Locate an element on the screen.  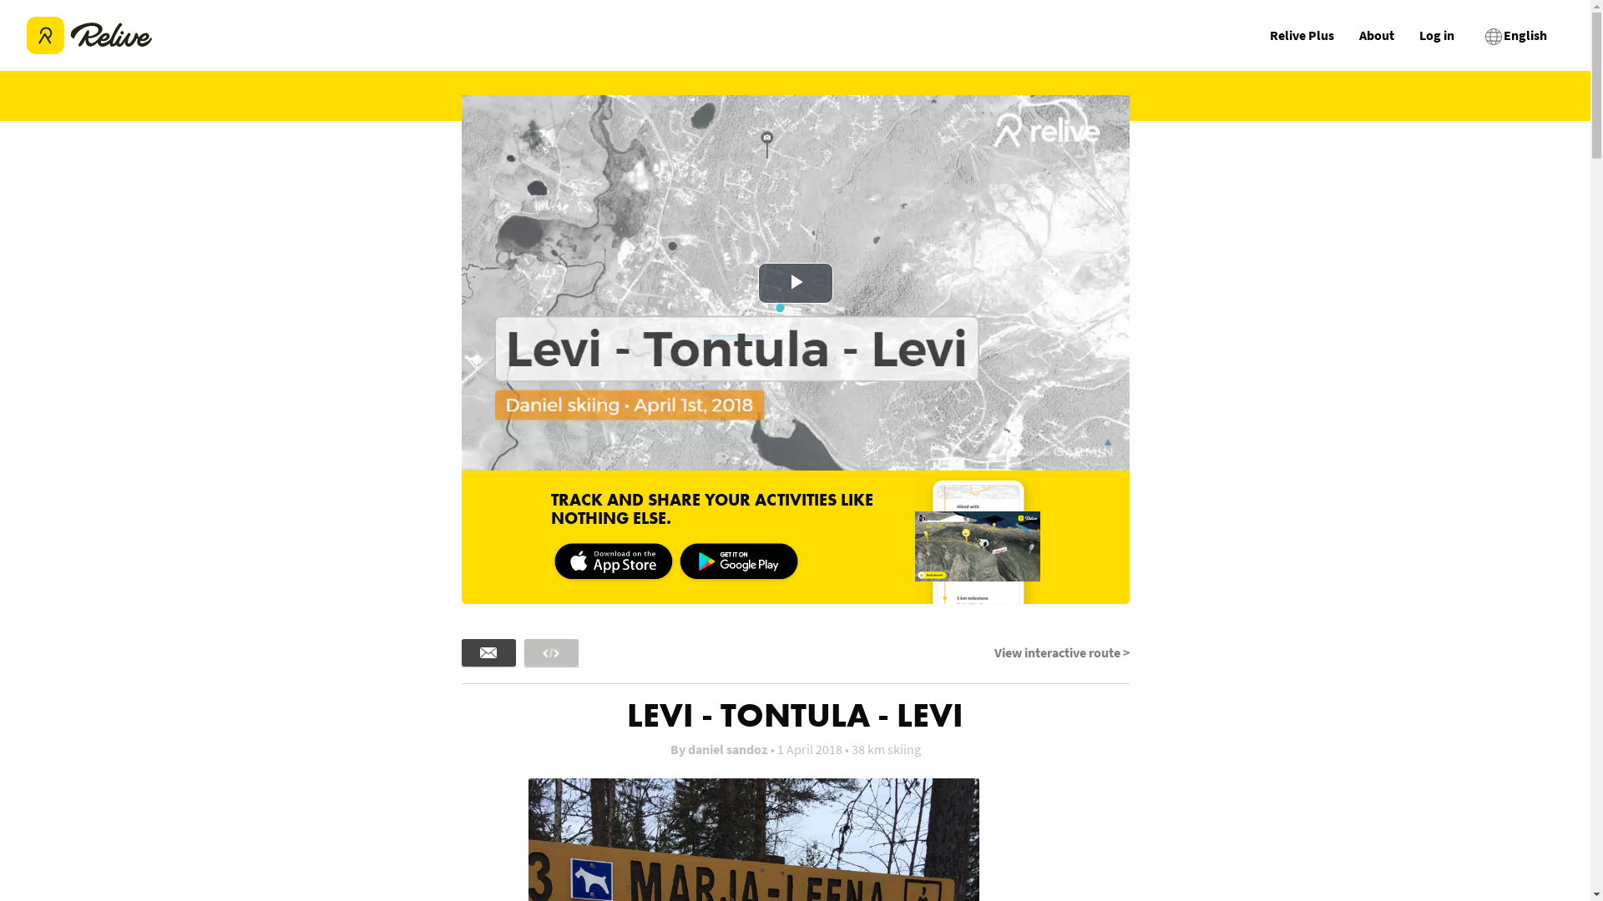
'Relive Plus' is located at coordinates (1269, 35).